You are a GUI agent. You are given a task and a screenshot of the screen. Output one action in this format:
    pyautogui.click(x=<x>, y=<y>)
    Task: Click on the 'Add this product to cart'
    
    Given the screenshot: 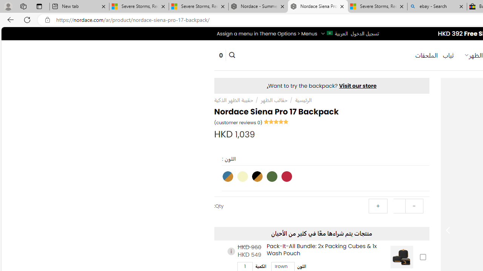 What is the action you would take?
    pyautogui.click(x=423, y=256)
    